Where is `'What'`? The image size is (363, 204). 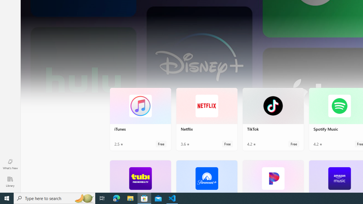
'What' is located at coordinates (10, 164).